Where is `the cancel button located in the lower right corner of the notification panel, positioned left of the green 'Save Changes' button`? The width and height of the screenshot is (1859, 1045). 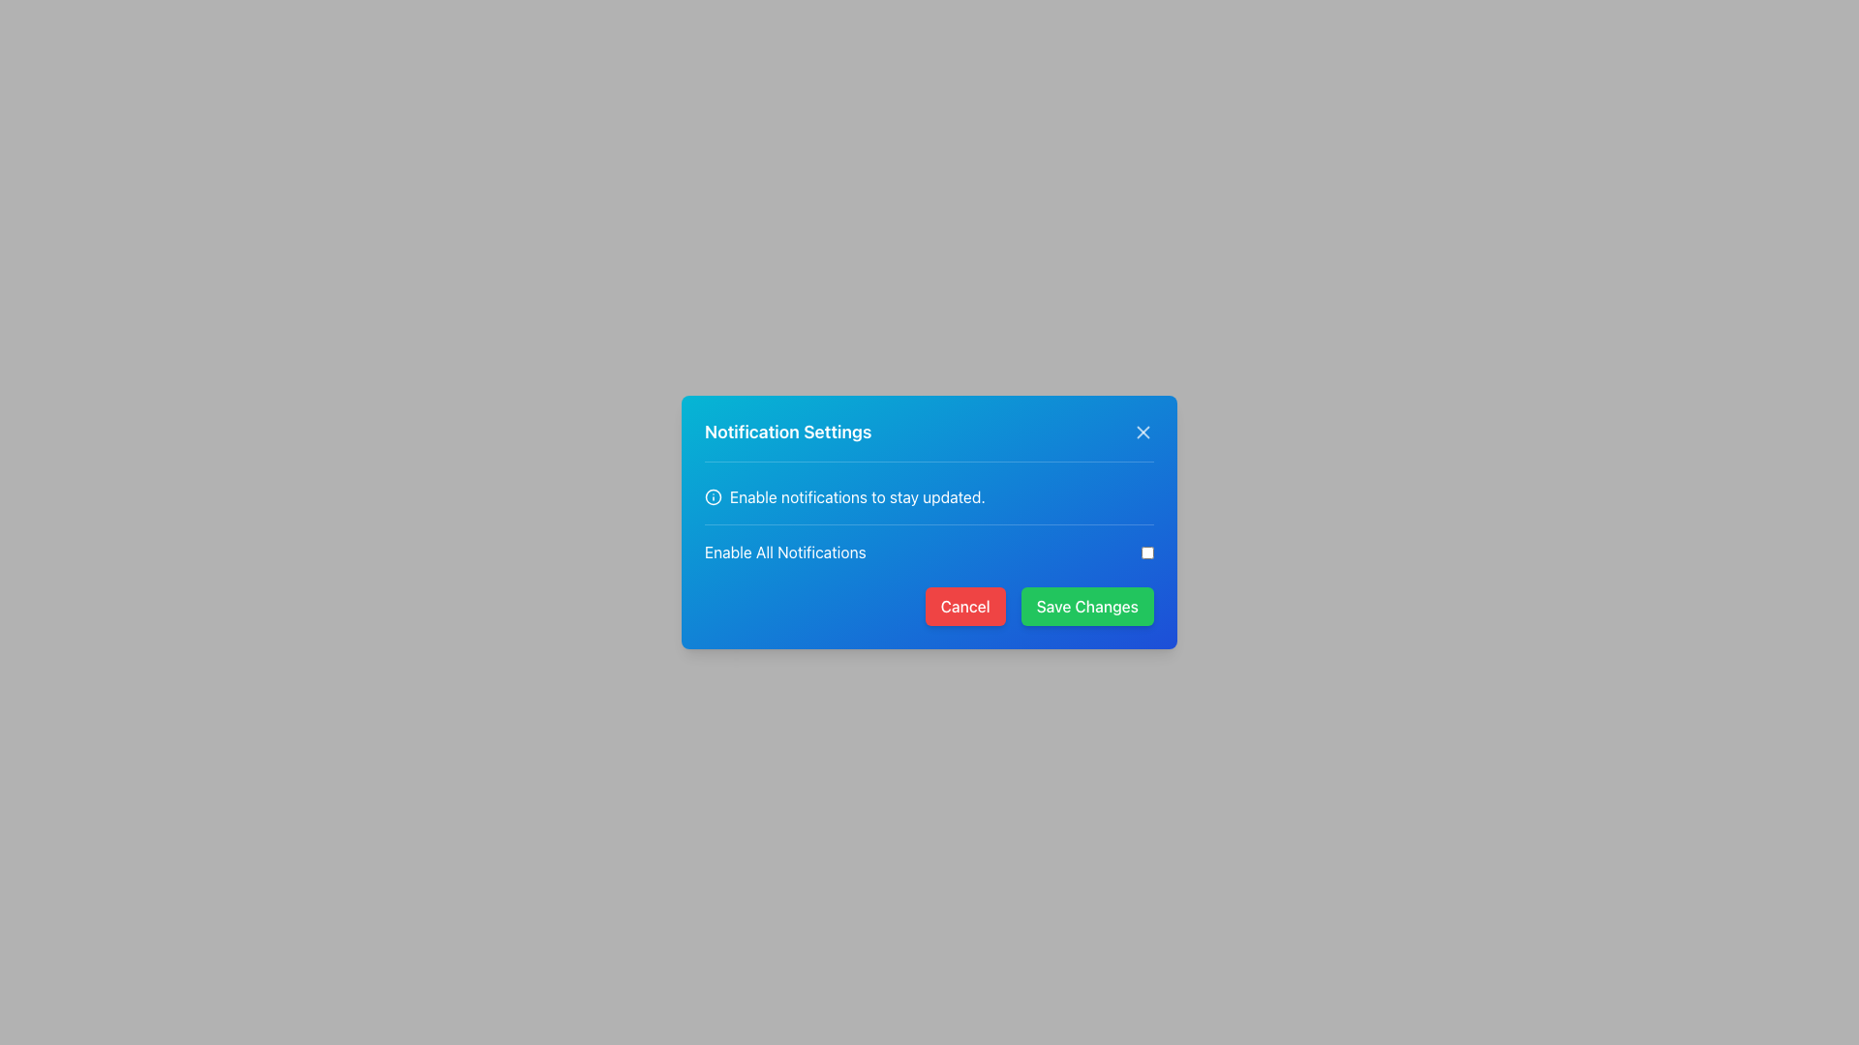 the cancel button located in the lower right corner of the notification panel, positioned left of the green 'Save Changes' button is located at coordinates (965, 606).